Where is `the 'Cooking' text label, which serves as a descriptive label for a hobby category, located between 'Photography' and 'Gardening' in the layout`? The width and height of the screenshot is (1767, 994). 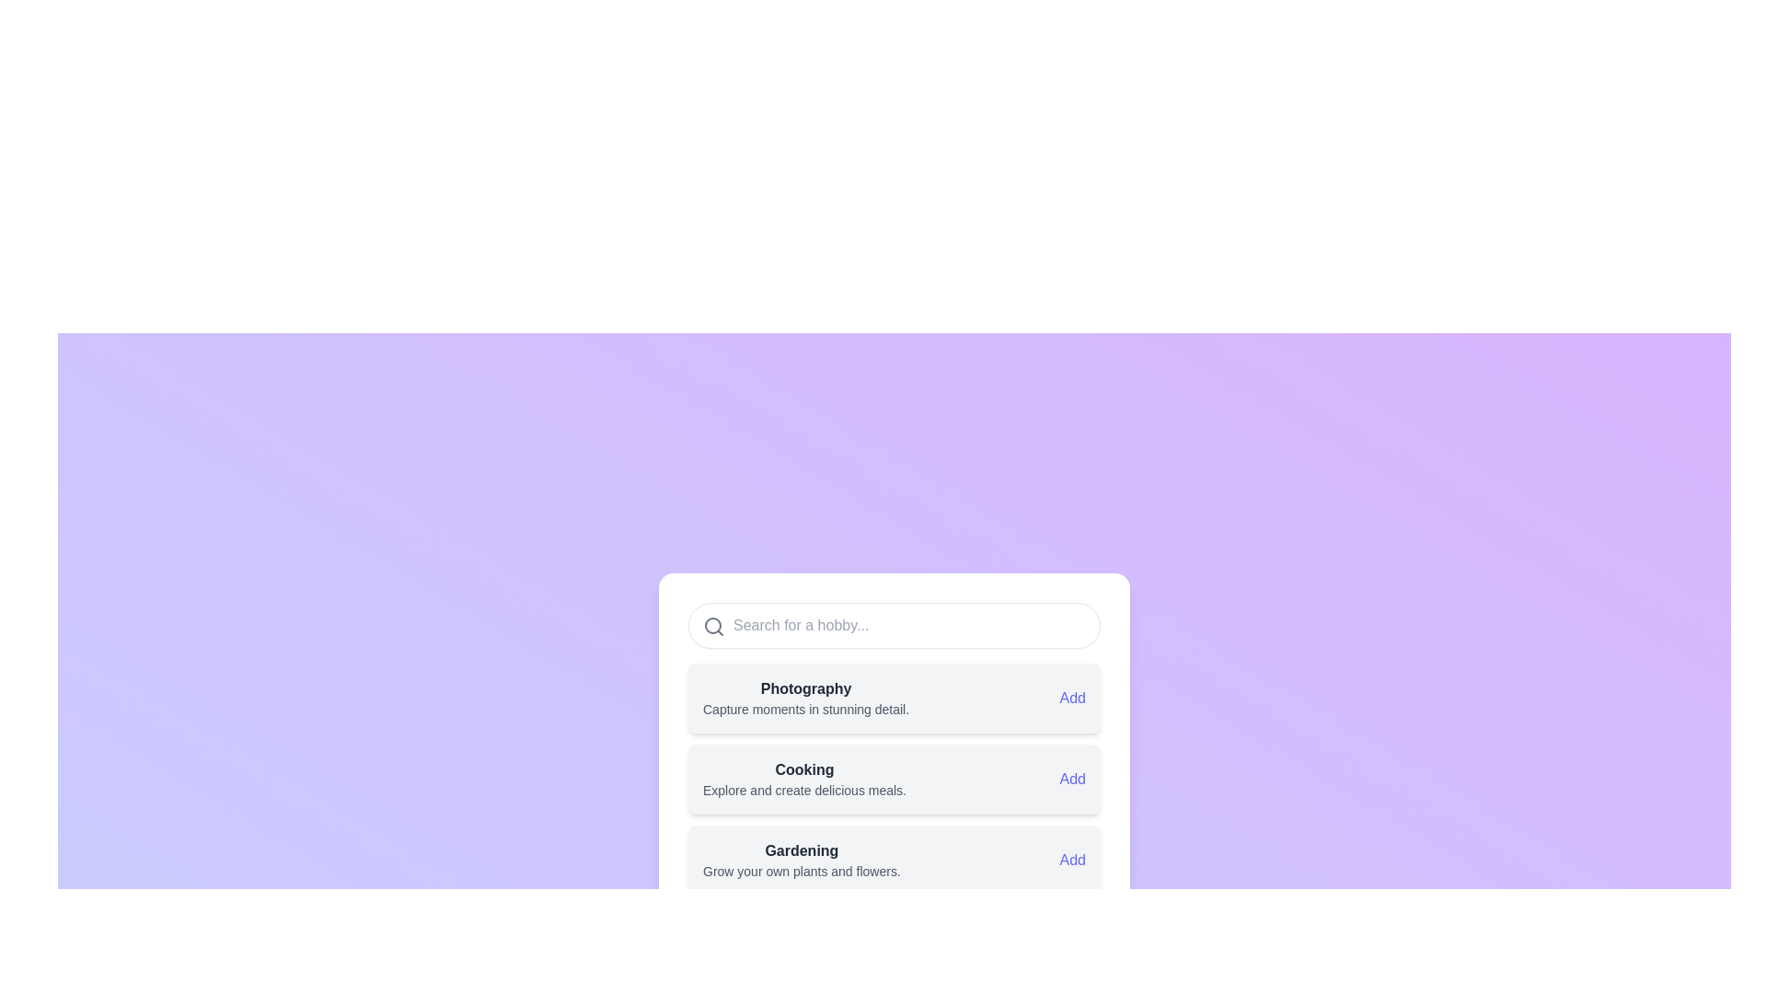
the 'Cooking' text label, which serves as a descriptive label for a hobby category, located between 'Photography' and 'Gardening' in the layout is located at coordinates (804, 780).